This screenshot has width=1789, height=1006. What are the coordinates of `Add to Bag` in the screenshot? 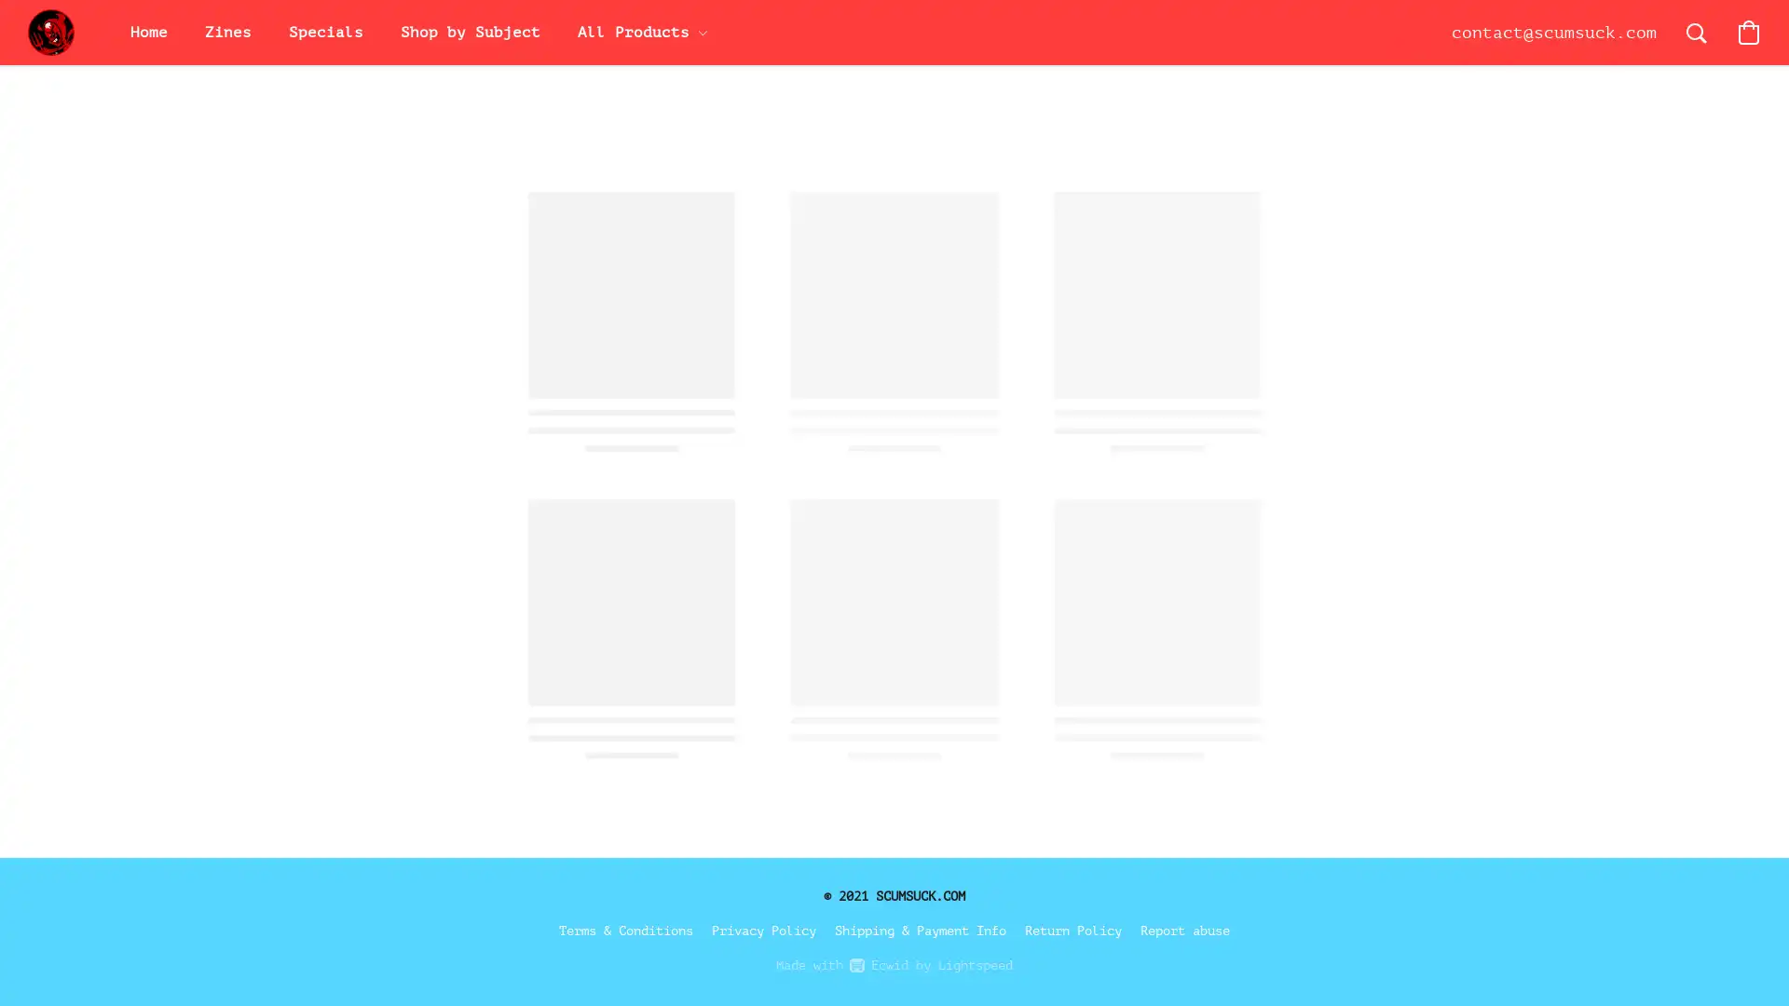 It's located at (1221, 469).